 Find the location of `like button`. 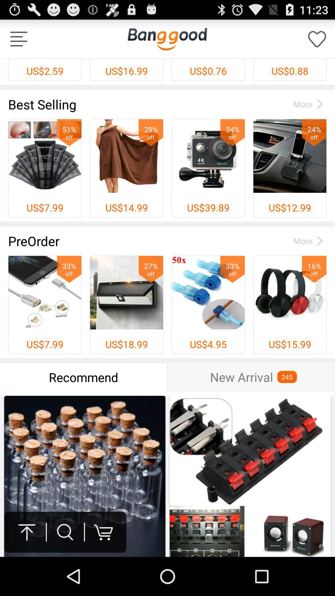

like button is located at coordinates (317, 38).